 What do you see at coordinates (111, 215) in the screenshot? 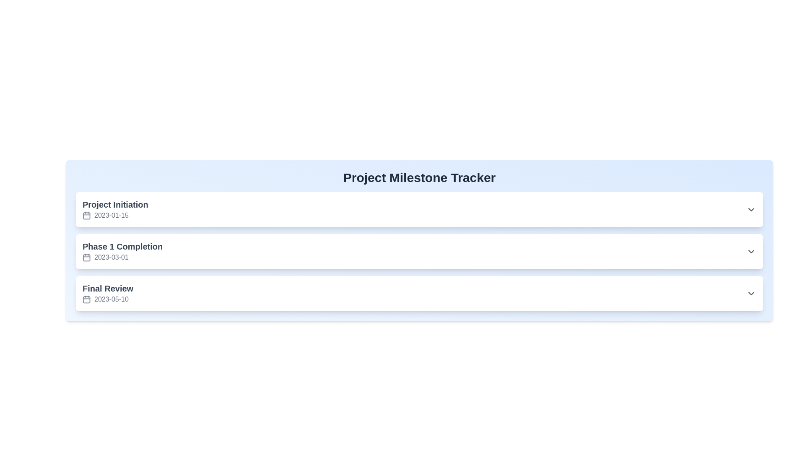
I see `the text display indicating the date for the 'Project Initiation' milestone, which is located at the topmost position among the listed milestones, adjacent to a calendar icon` at bounding box center [111, 215].